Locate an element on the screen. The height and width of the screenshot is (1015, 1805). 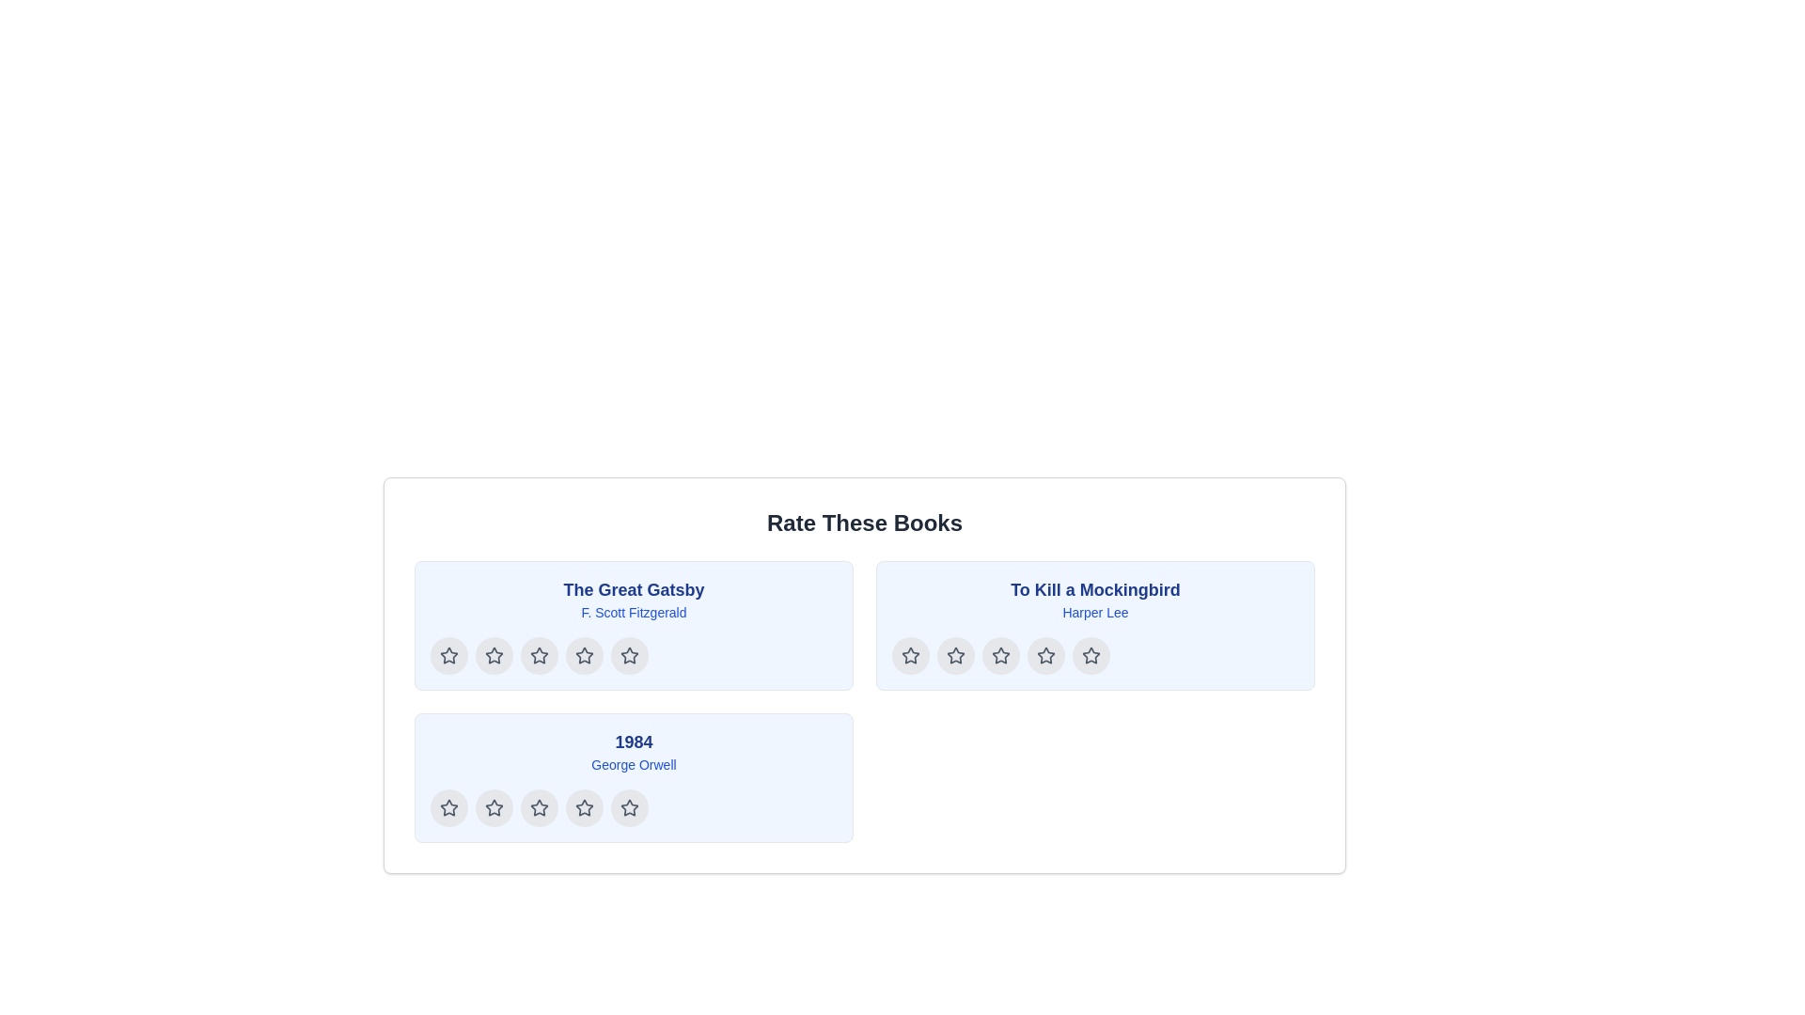
the interactive star icon for keyboard interaction is located at coordinates (448, 654).